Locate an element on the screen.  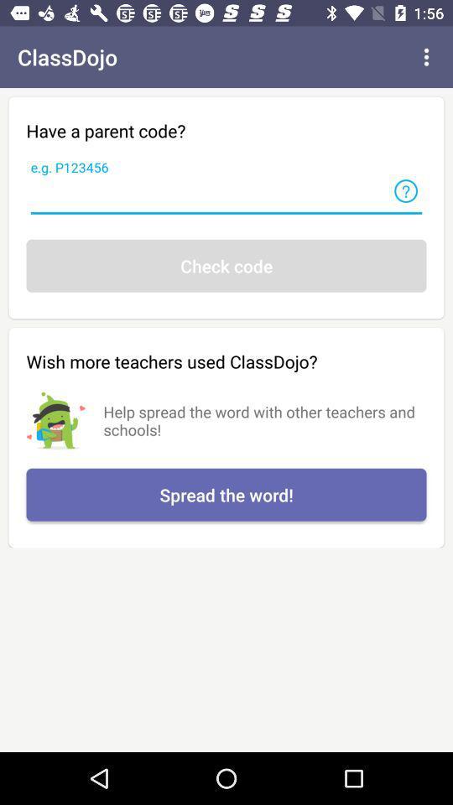
see menu options is located at coordinates (426, 57).